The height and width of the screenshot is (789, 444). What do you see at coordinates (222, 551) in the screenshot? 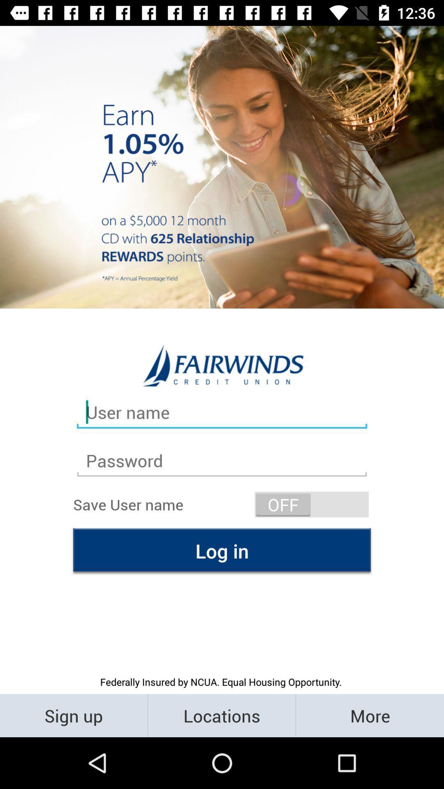
I see `the log in item` at bounding box center [222, 551].